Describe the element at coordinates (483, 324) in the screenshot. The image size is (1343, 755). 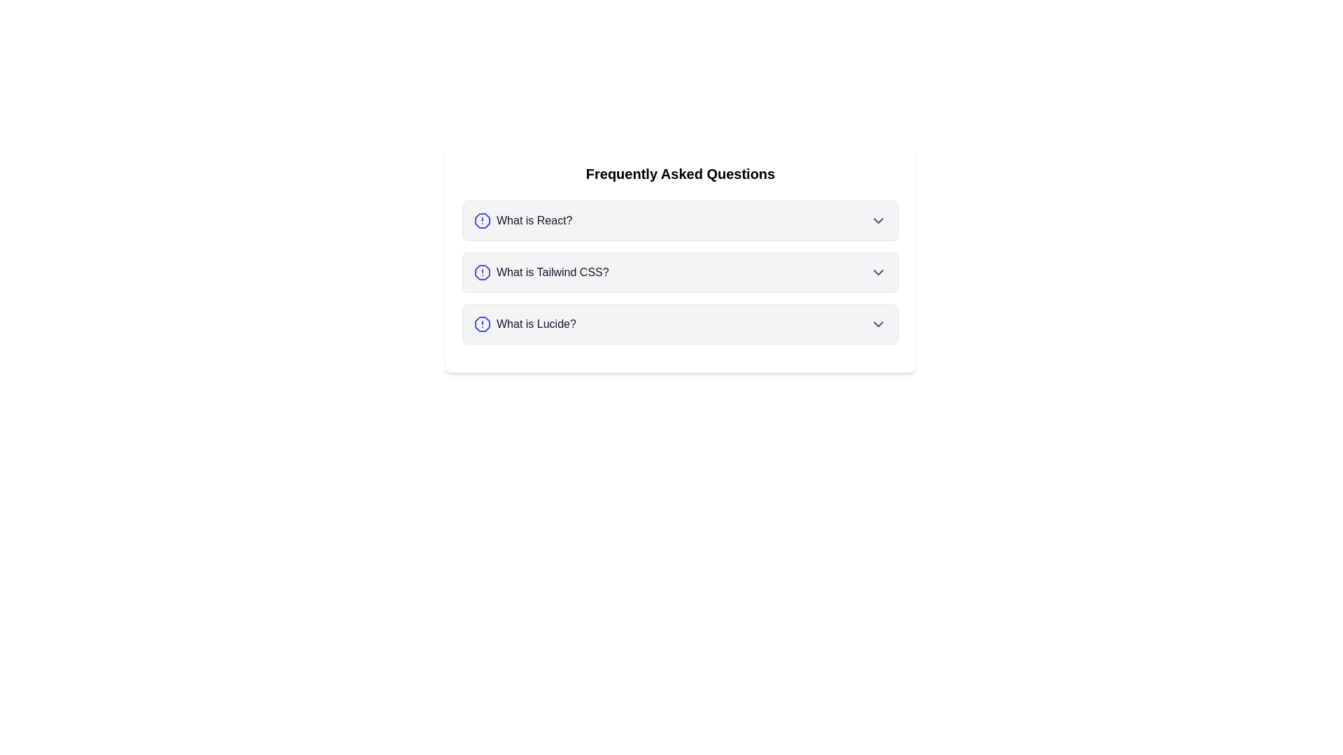
I see `the icon located to the left of the question text in the 'What is Lucide?' entry of the FAQ section` at that location.